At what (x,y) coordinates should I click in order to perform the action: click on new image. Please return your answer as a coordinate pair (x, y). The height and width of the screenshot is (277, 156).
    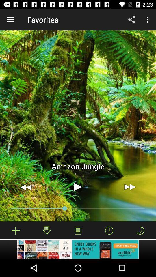
    Looking at the image, I should click on (16, 230).